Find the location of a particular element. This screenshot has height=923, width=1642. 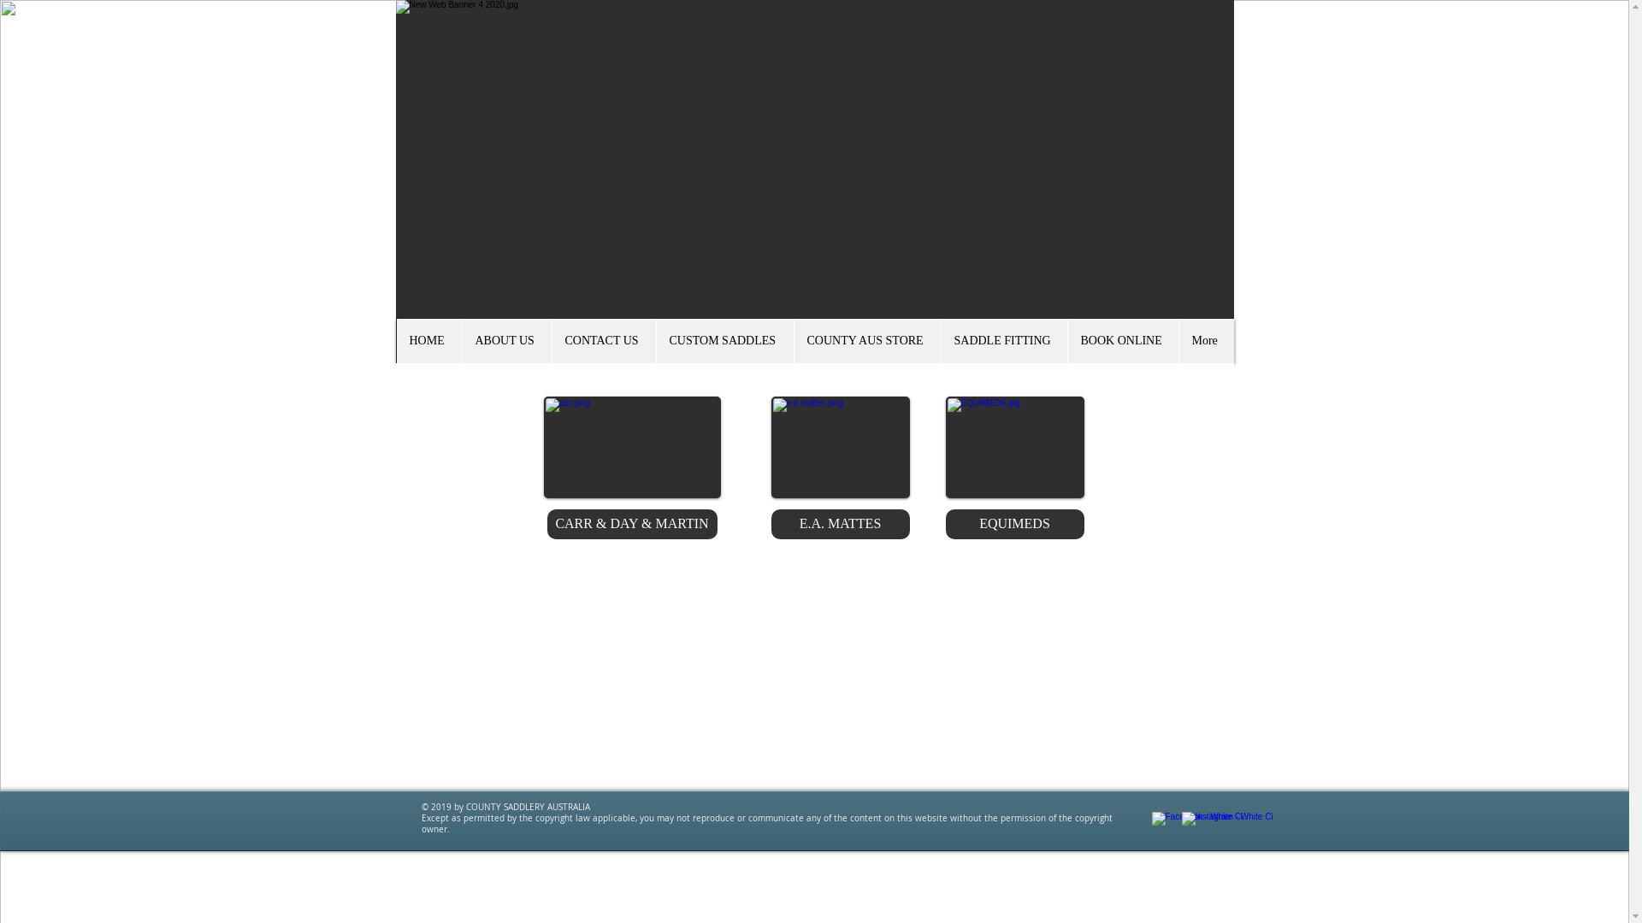

'E.A. MATTES' is located at coordinates (841, 523).